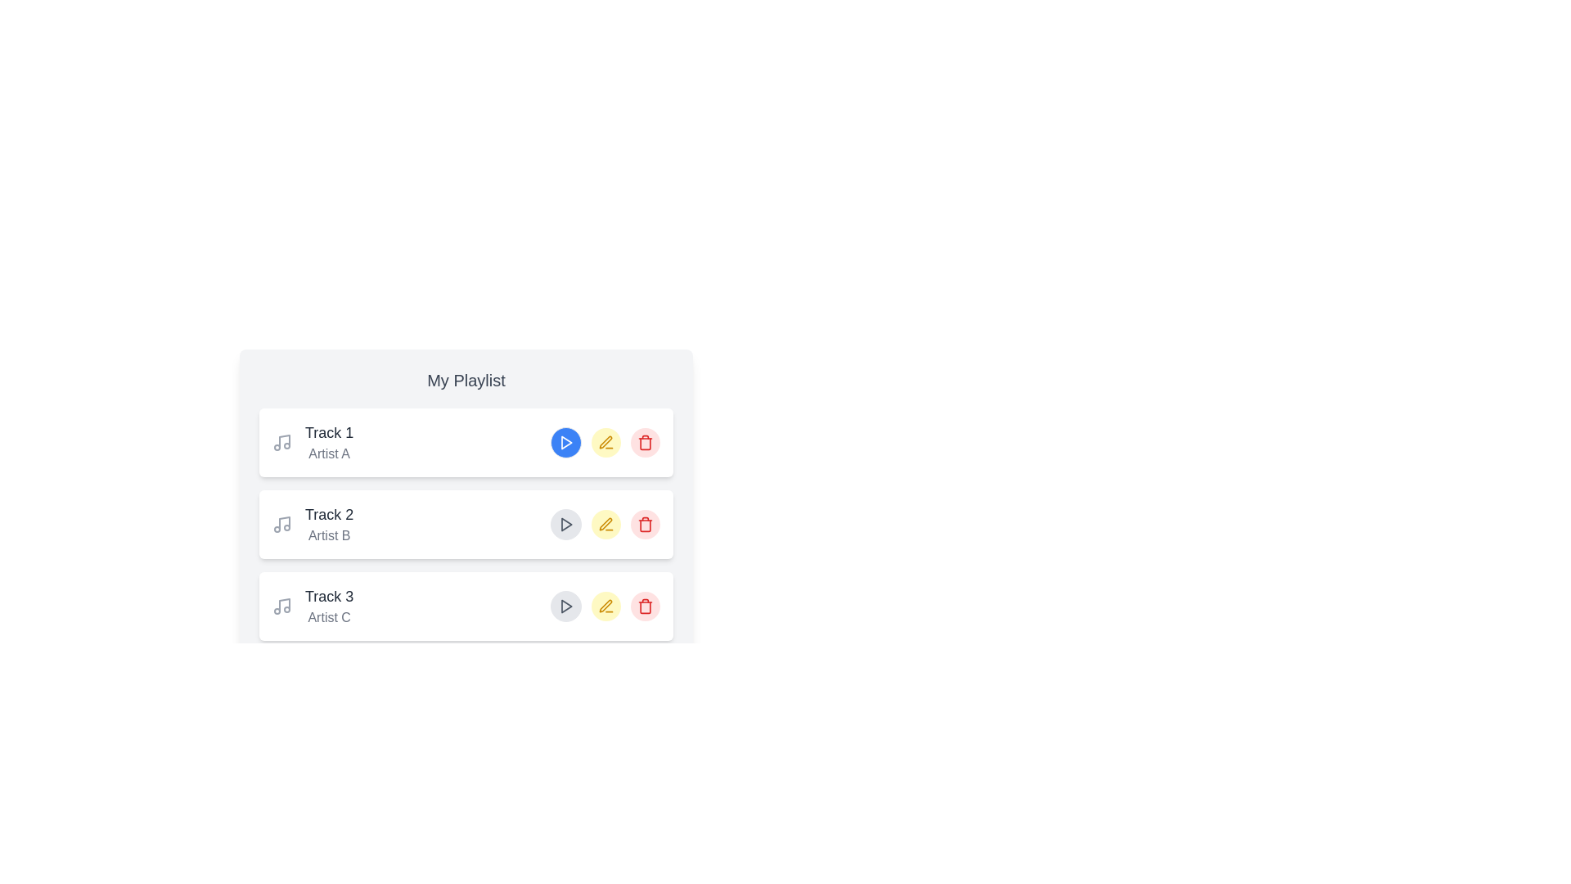 The width and height of the screenshot is (1571, 884). Describe the element at coordinates (644, 442) in the screenshot. I see `delete button for the track with title Track 1` at that location.